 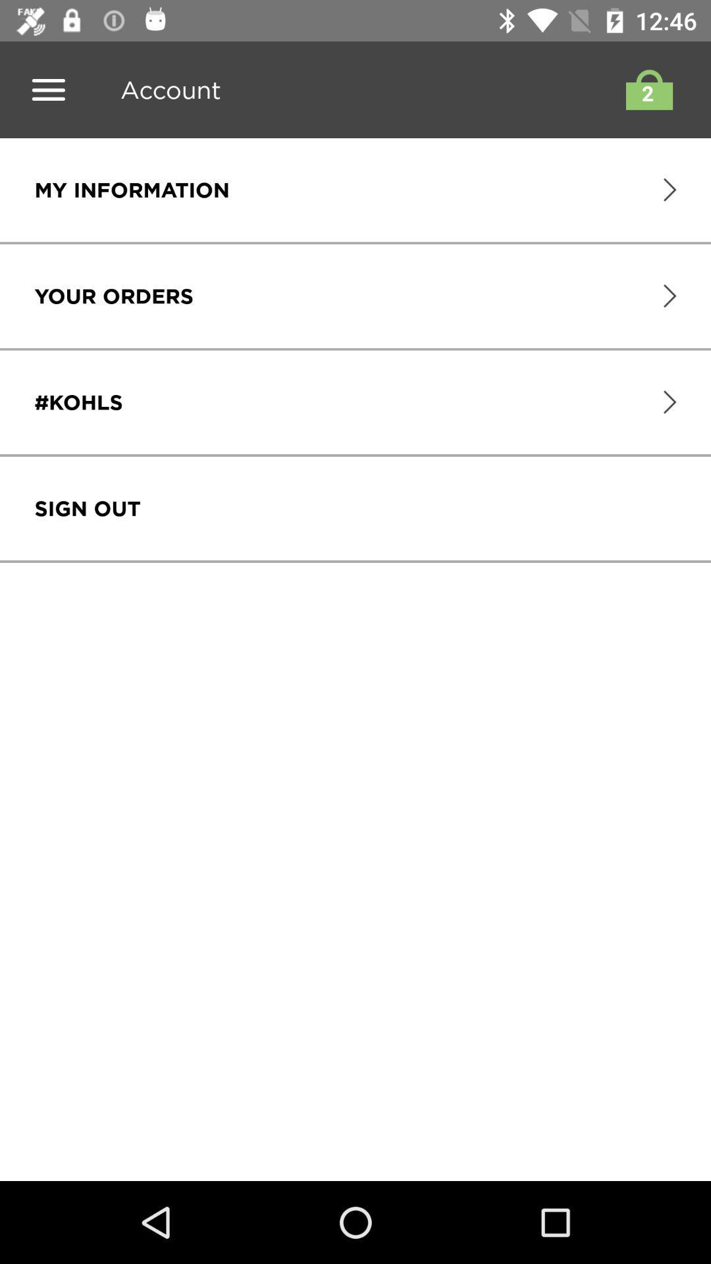 I want to click on sign out item, so click(x=88, y=508).